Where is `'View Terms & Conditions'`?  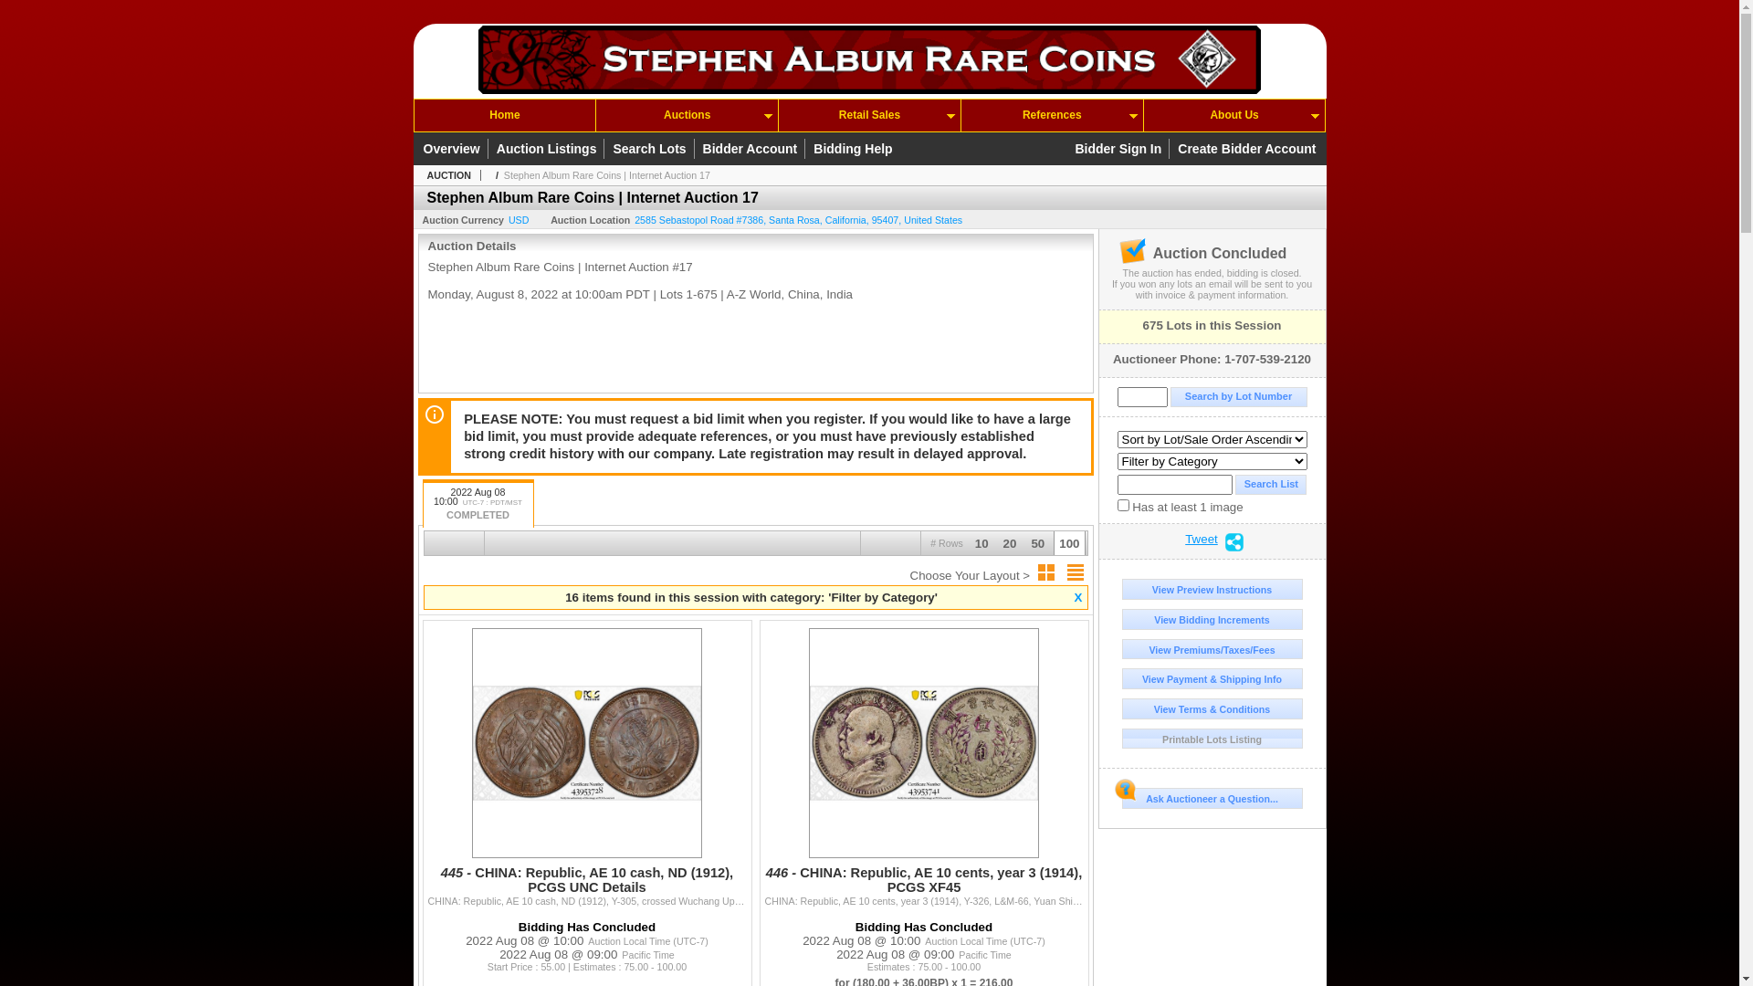
'View Terms & Conditions' is located at coordinates (1211, 708).